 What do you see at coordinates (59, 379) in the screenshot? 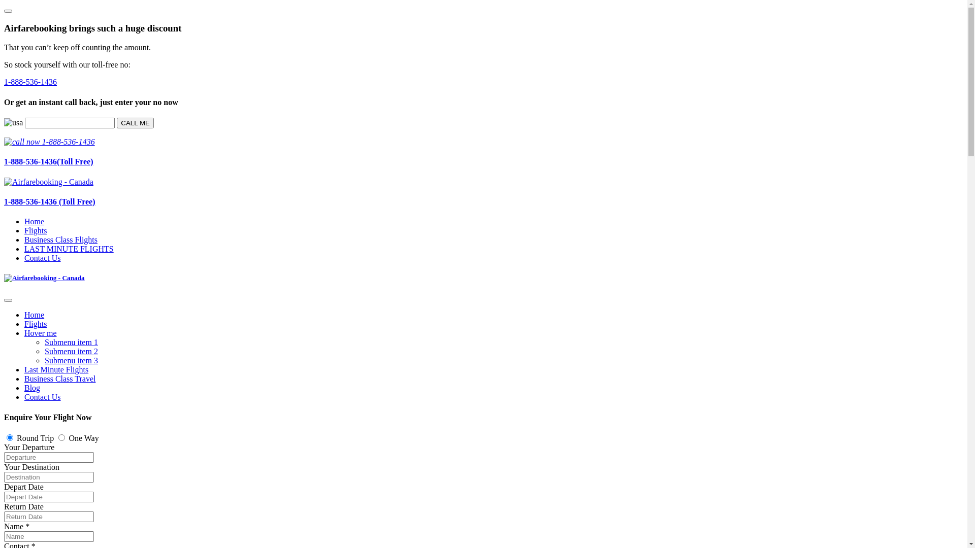
I see `'Business Class Travel'` at bounding box center [59, 379].